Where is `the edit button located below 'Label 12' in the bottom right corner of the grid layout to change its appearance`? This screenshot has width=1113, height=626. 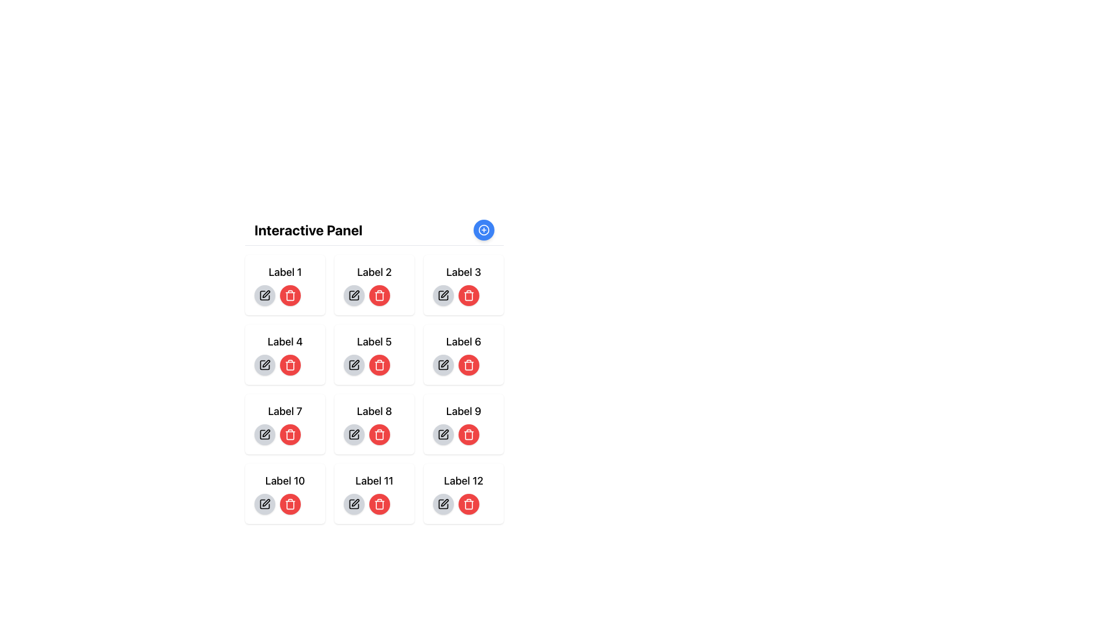
the edit button located below 'Label 12' in the bottom right corner of the grid layout to change its appearance is located at coordinates (442, 504).